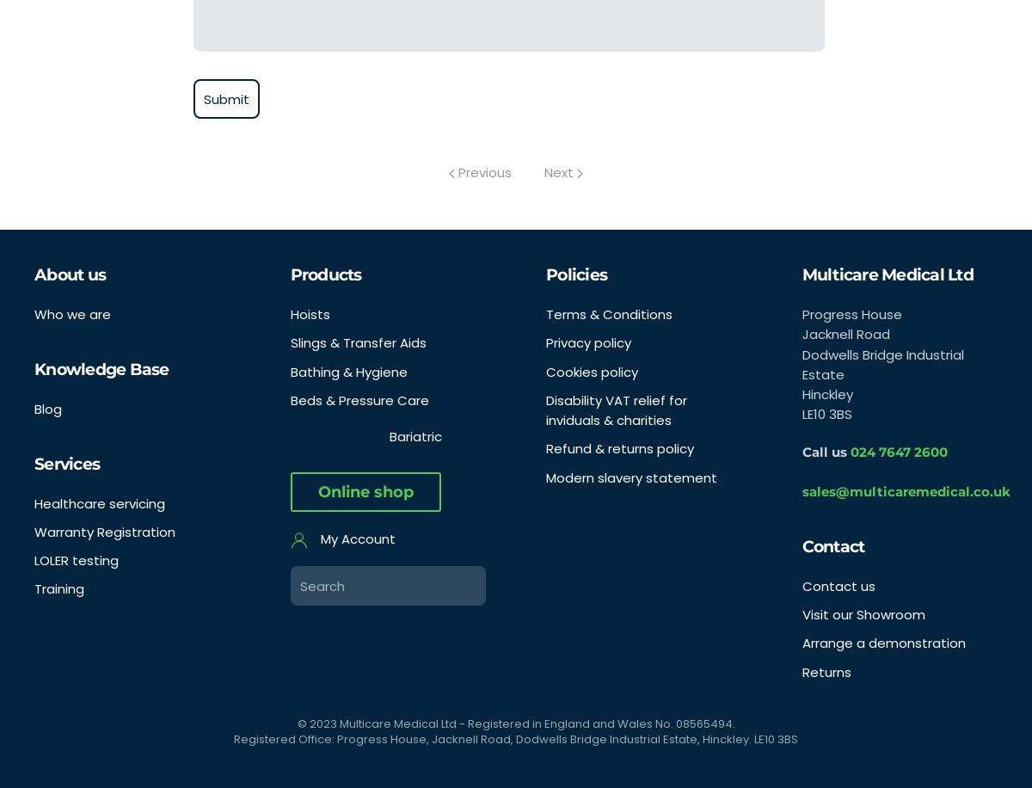 This screenshot has height=788, width=1032. I want to click on 'Policies', so click(576, 274).